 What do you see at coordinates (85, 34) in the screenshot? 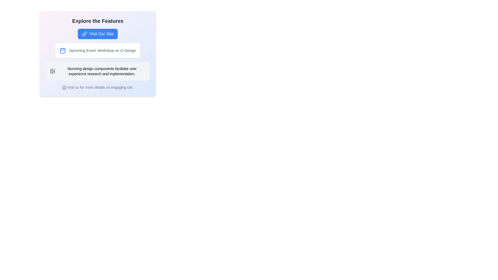
I see `the small link icon located on the left side of the blue button labeled 'Visit Our Site', which is within a white rounded box at the top center of the interface` at bounding box center [85, 34].